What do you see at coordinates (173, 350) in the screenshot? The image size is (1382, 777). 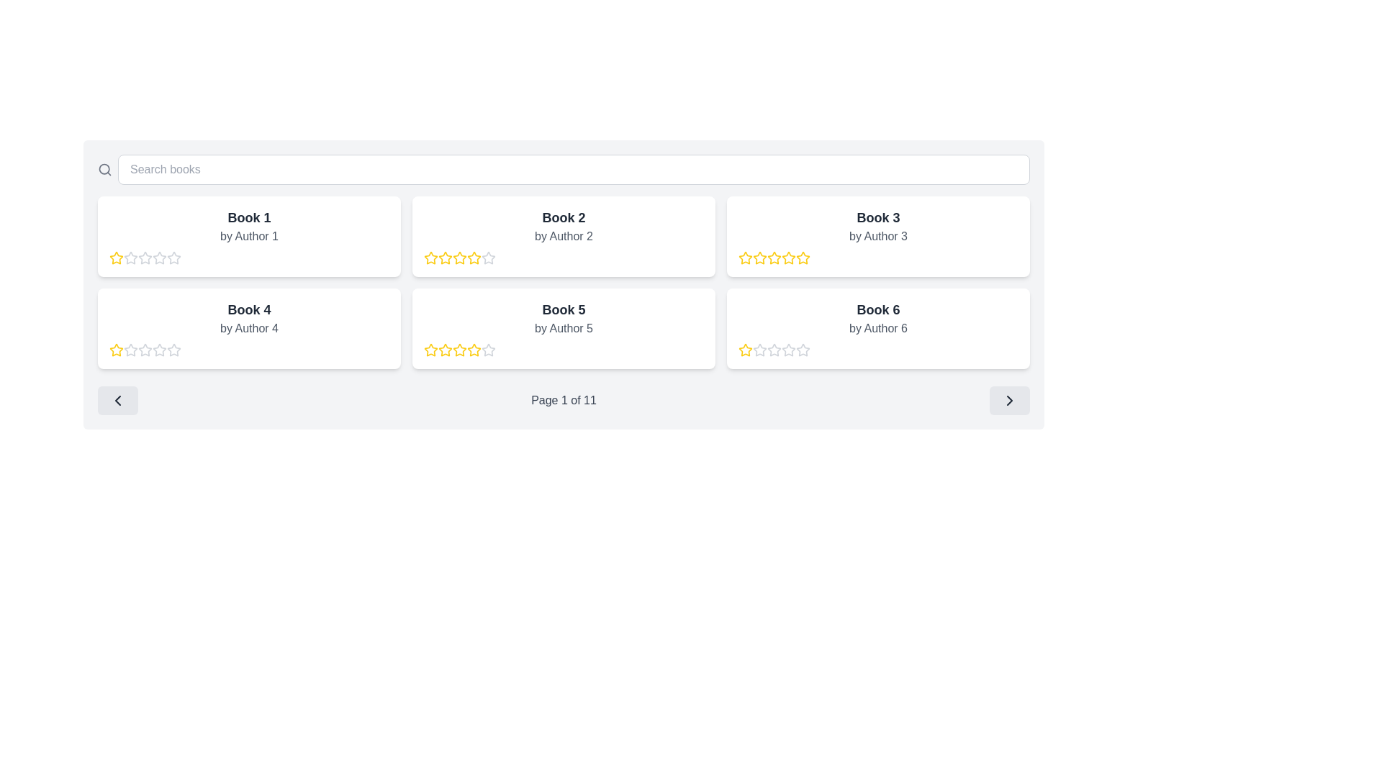 I see `the second star icon in the rating system for the 'Book 4' section` at bounding box center [173, 350].